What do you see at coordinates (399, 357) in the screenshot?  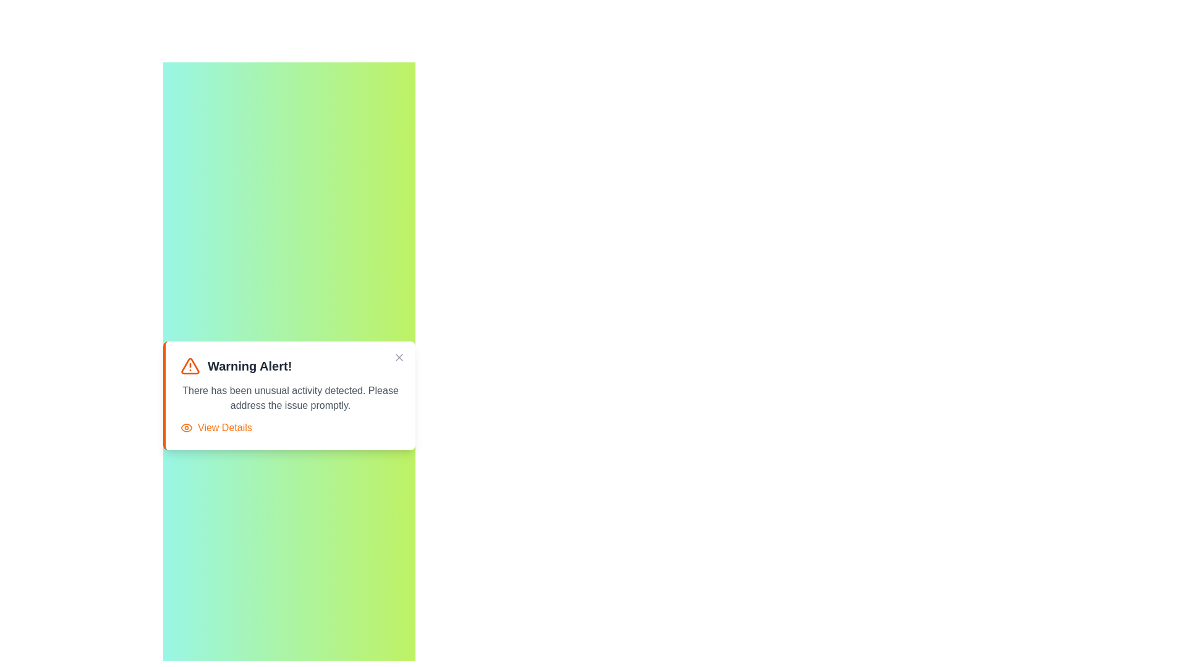 I see `close button to dismiss the alert` at bounding box center [399, 357].